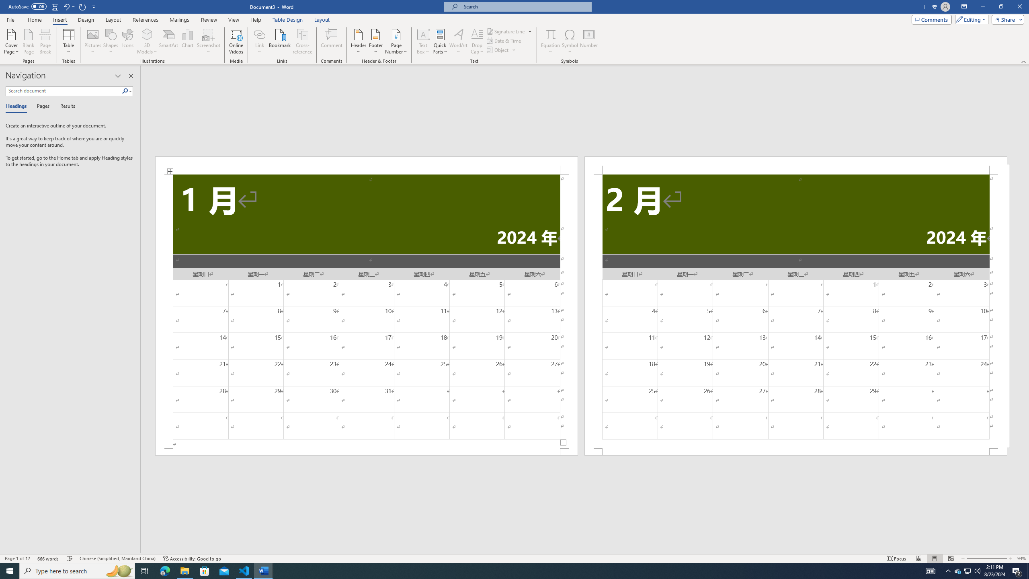  Describe the element at coordinates (41, 106) in the screenshot. I see `'Pages'` at that location.